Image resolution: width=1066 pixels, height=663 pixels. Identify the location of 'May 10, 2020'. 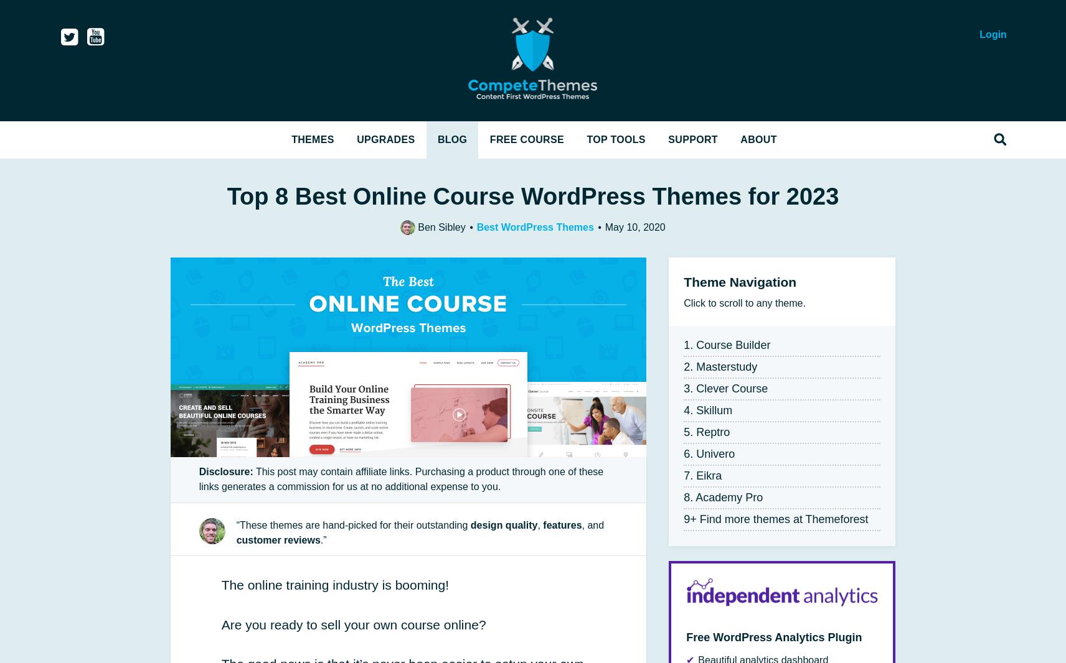
(633, 226).